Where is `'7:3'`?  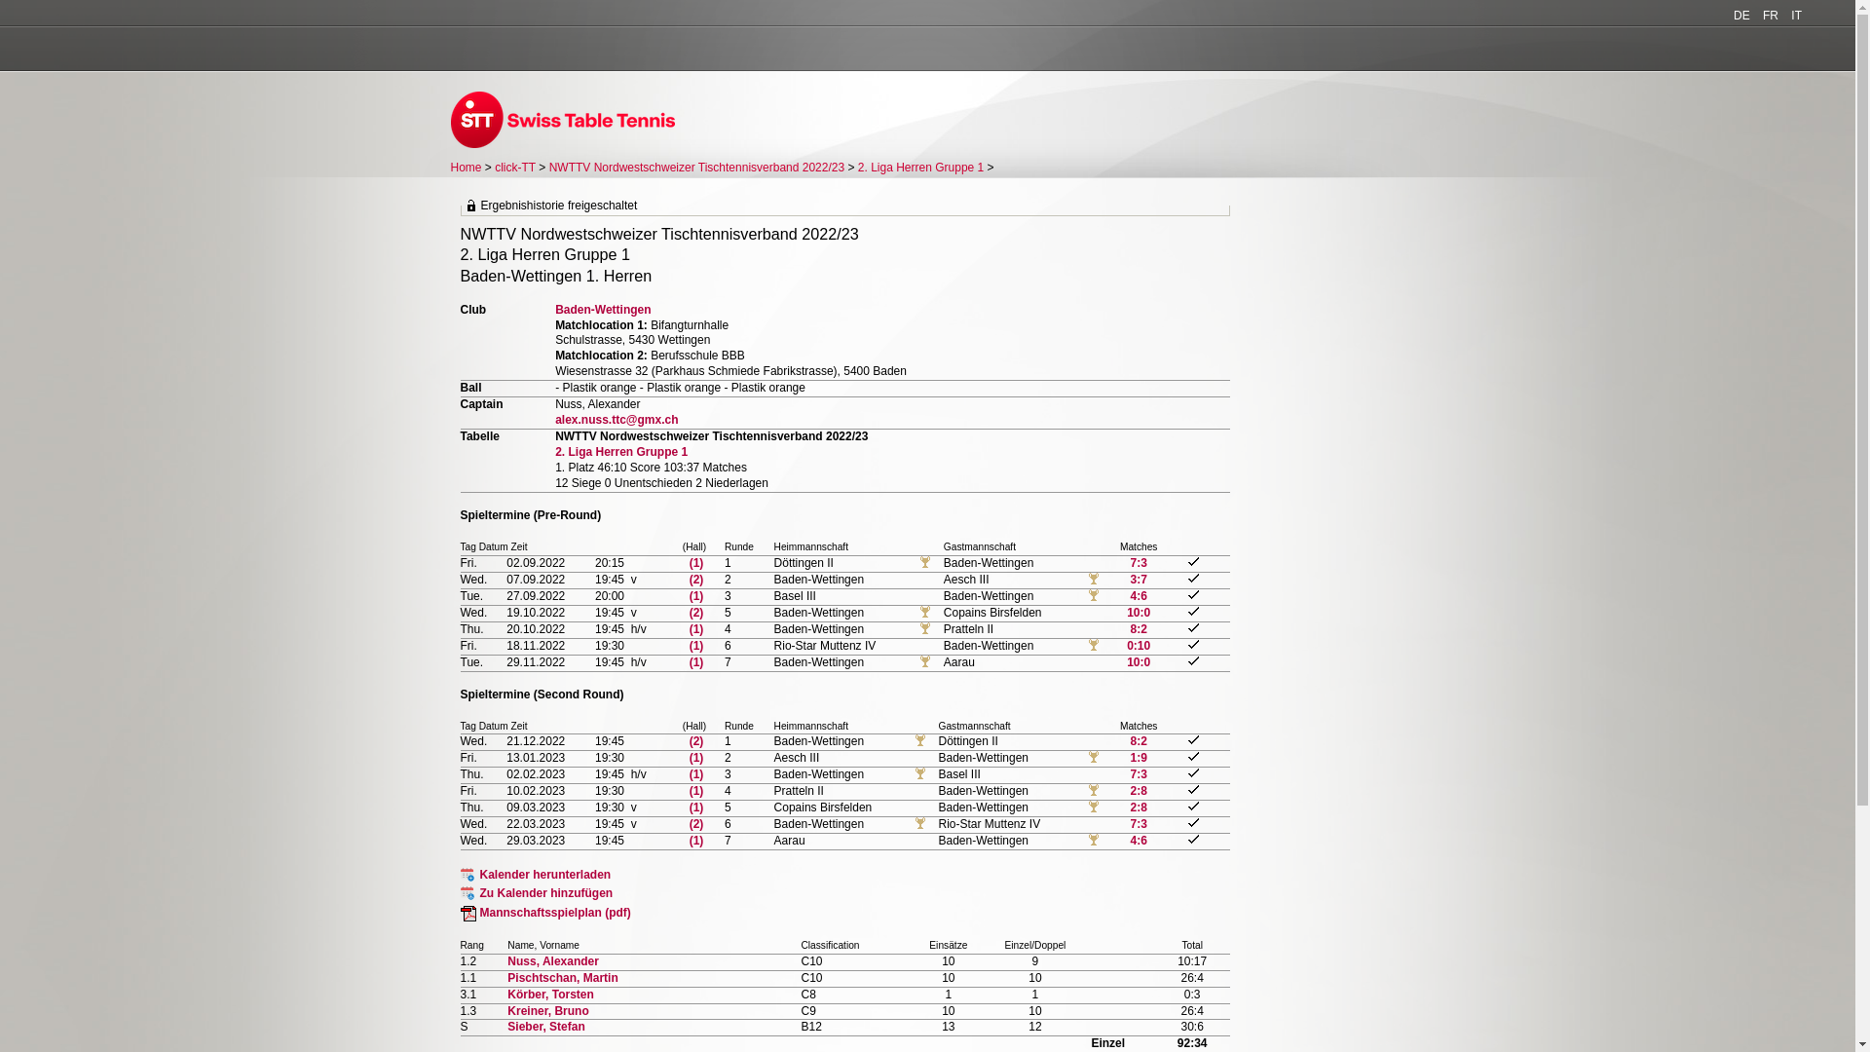 '7:3' is located at coordinates (1139, 823).